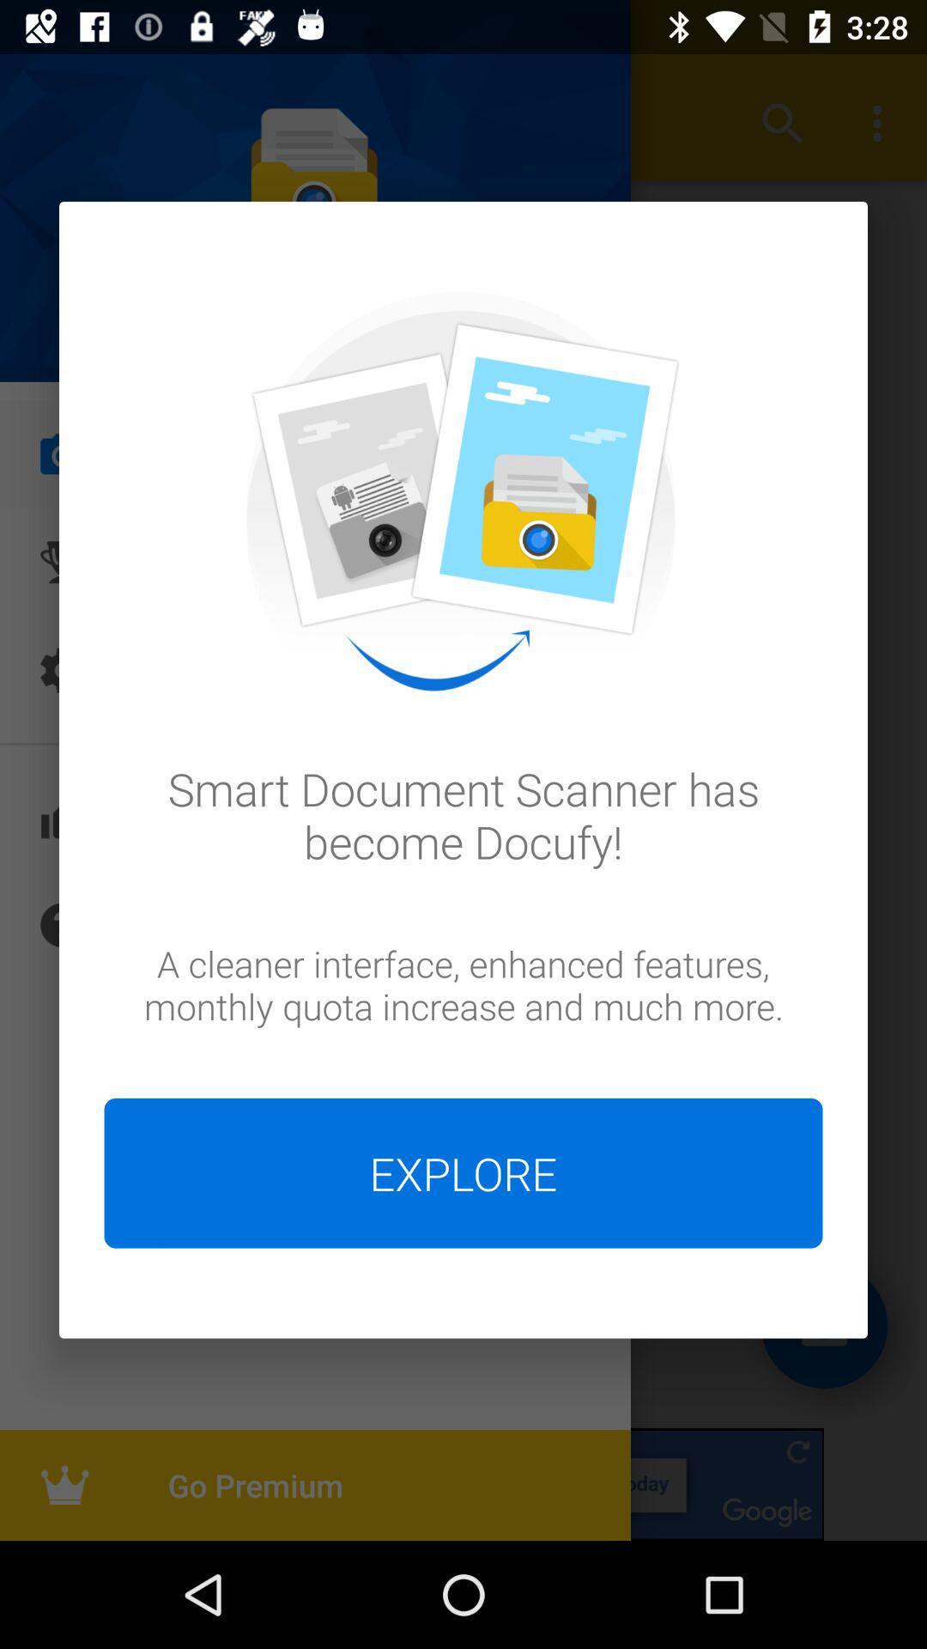 The height and width of the screenshot is (1649, 927). What do you see at coordinates (463, 1172) in the screenshot?
I see `the icon at the bottom` at bounding box center [463, 1172].